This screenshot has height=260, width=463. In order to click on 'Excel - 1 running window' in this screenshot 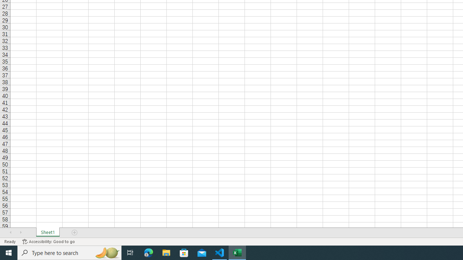, I will do `click(237, 252)`.